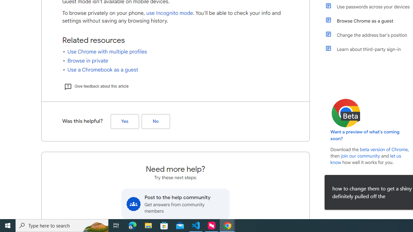 The height and width of the screenshot is (232, 413). I want to click on 'Chrome Beta logo', so click(346, 113).